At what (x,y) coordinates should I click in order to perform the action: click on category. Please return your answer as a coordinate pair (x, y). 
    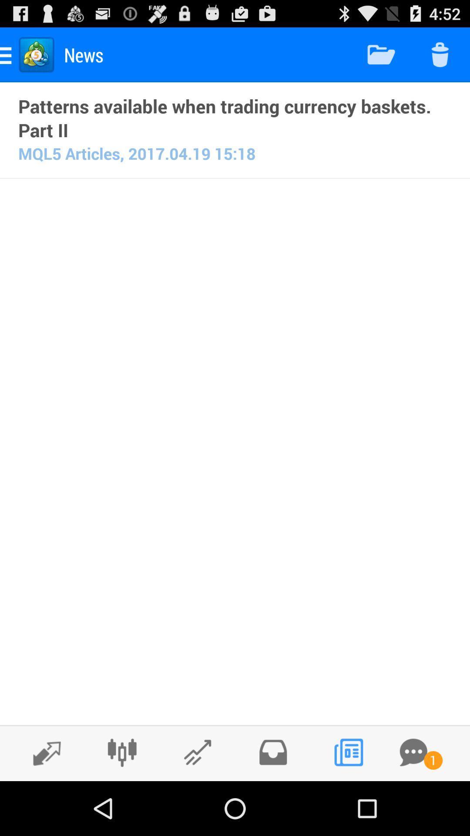
    Looking at the image, I should click on (198, 752).